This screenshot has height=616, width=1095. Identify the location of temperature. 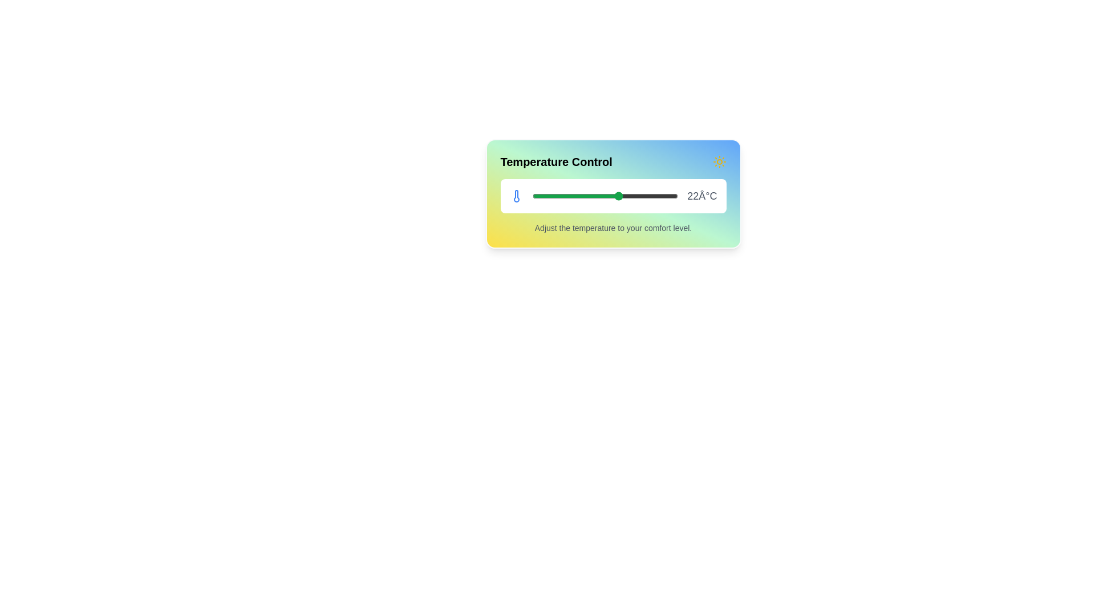
(634, 195).